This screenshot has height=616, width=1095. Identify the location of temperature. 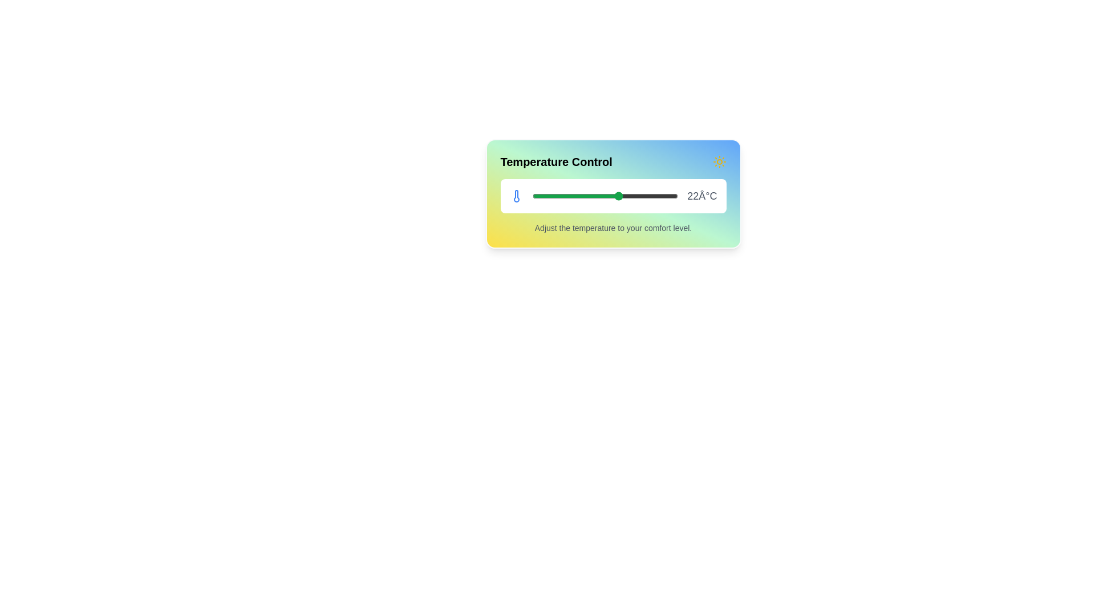
(634, 195).